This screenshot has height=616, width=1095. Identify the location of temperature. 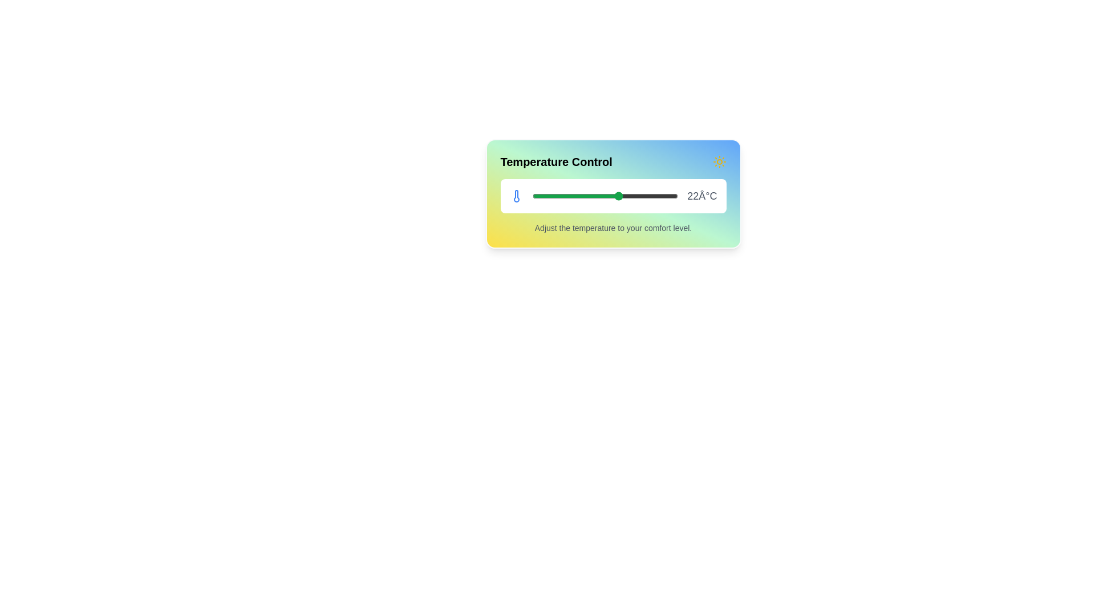
(634, 195).